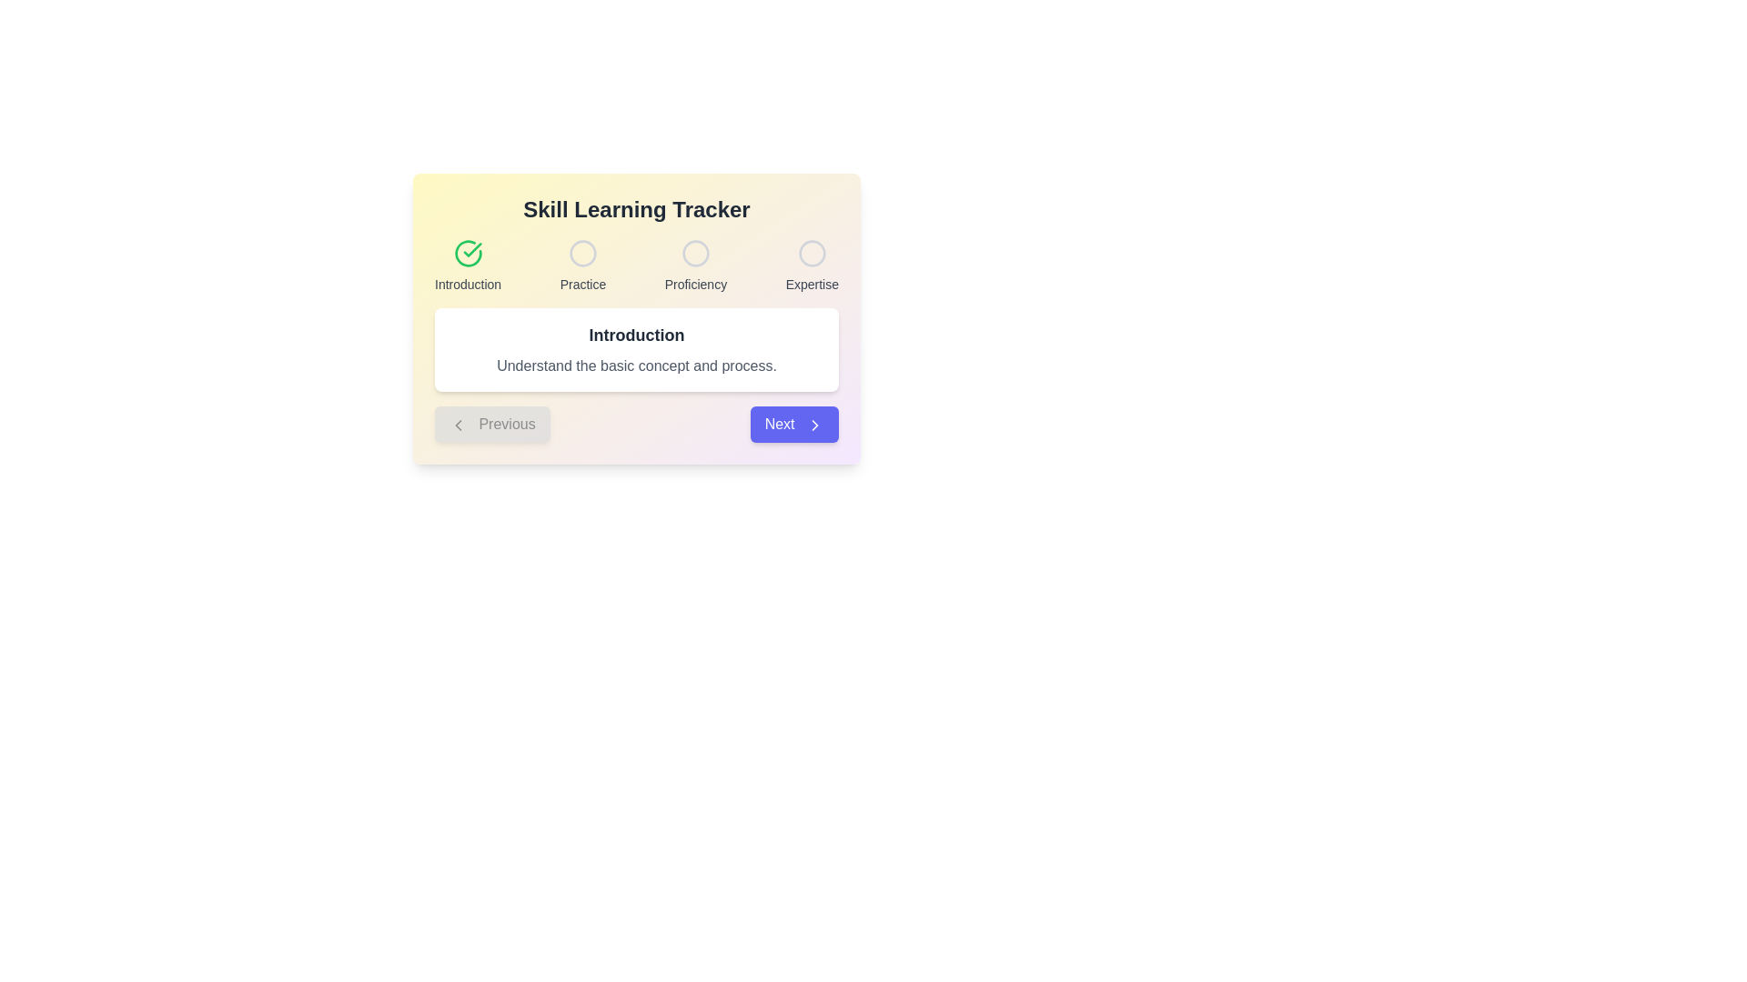 Image resolution: width=1747 pixels, height=982 pixels. Describe the element at coordinates (694, 284) in the screenshot. I see `the 'Proficiency' text label located below the third circular icon in the Skill Learning Tracker modal interface` at that location.